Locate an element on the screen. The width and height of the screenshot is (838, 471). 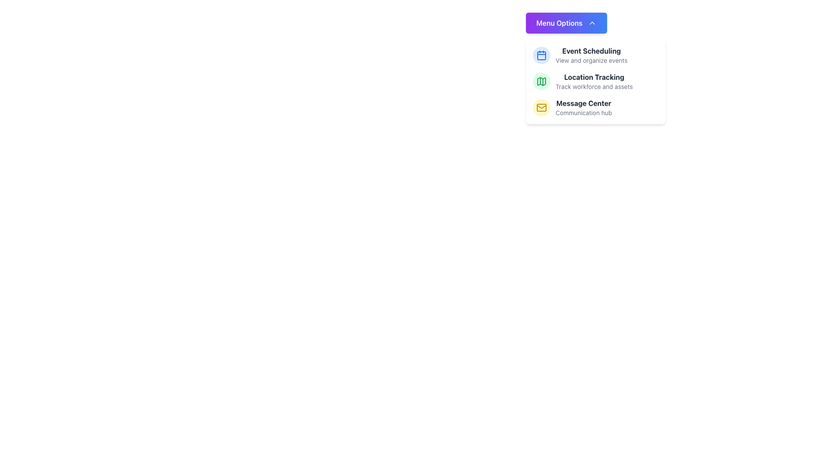
the text label displaying 'View and organize events', which is styled in light gray and located beneath the 'Event Scheduling' title in the dropdown menu is located at coordinates (591, 60).